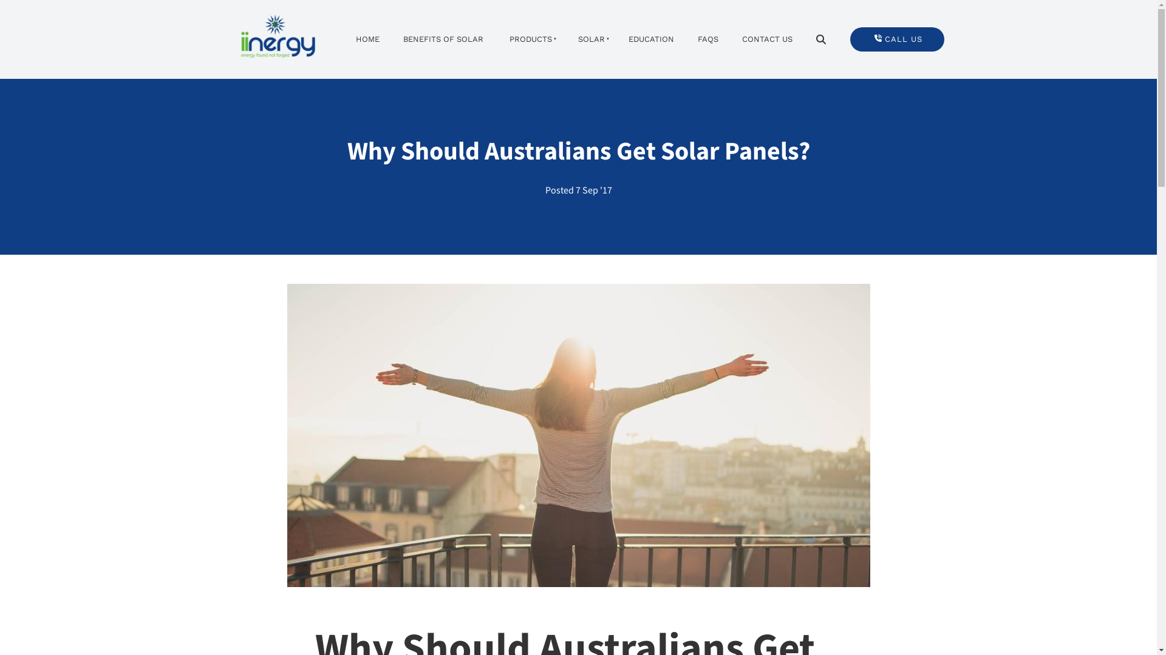 The image size is (1166, 655). I want to click on 'BENEFITS OF SOLAR', so click(443, 39).